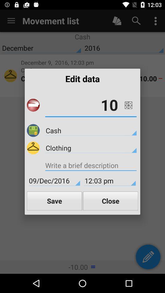  Describe the element at coordinates (90, 130) in the screenshot. I see `the cash` at that location.